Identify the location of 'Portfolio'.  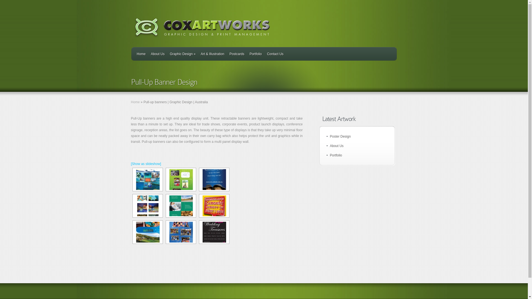
(335, 155).